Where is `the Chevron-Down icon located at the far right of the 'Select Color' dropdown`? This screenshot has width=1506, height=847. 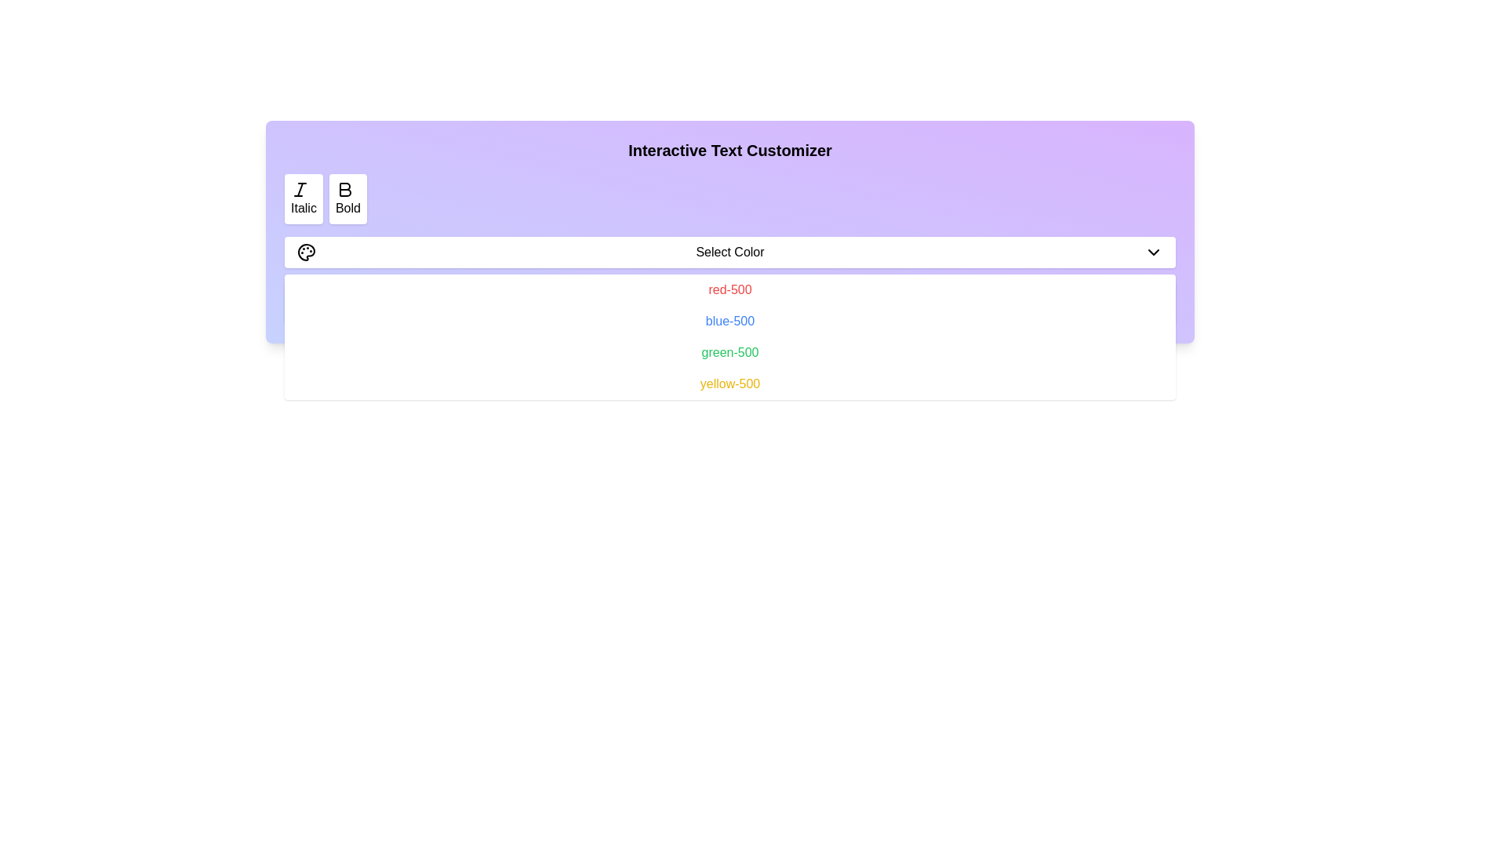
the Chevron-Down icon located at the far right of the 'Select Color' dropdown is located at coordinates (1153, 251).